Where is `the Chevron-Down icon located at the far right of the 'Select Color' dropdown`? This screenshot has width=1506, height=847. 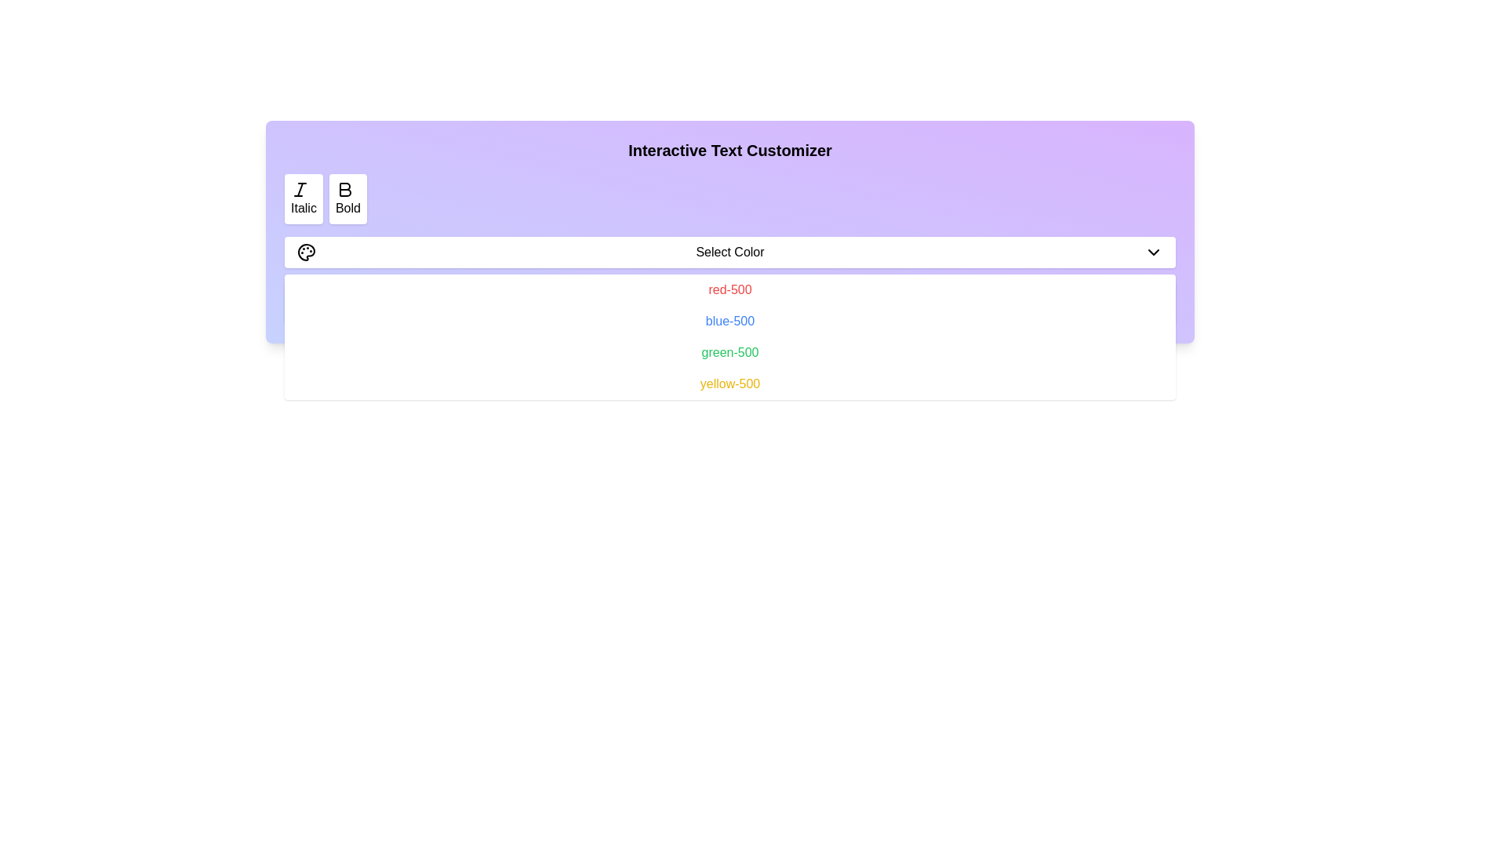
the Chevron-Down icon located at the far right of the 'Select Color' dropdown is located at coordinates (1153, 251).